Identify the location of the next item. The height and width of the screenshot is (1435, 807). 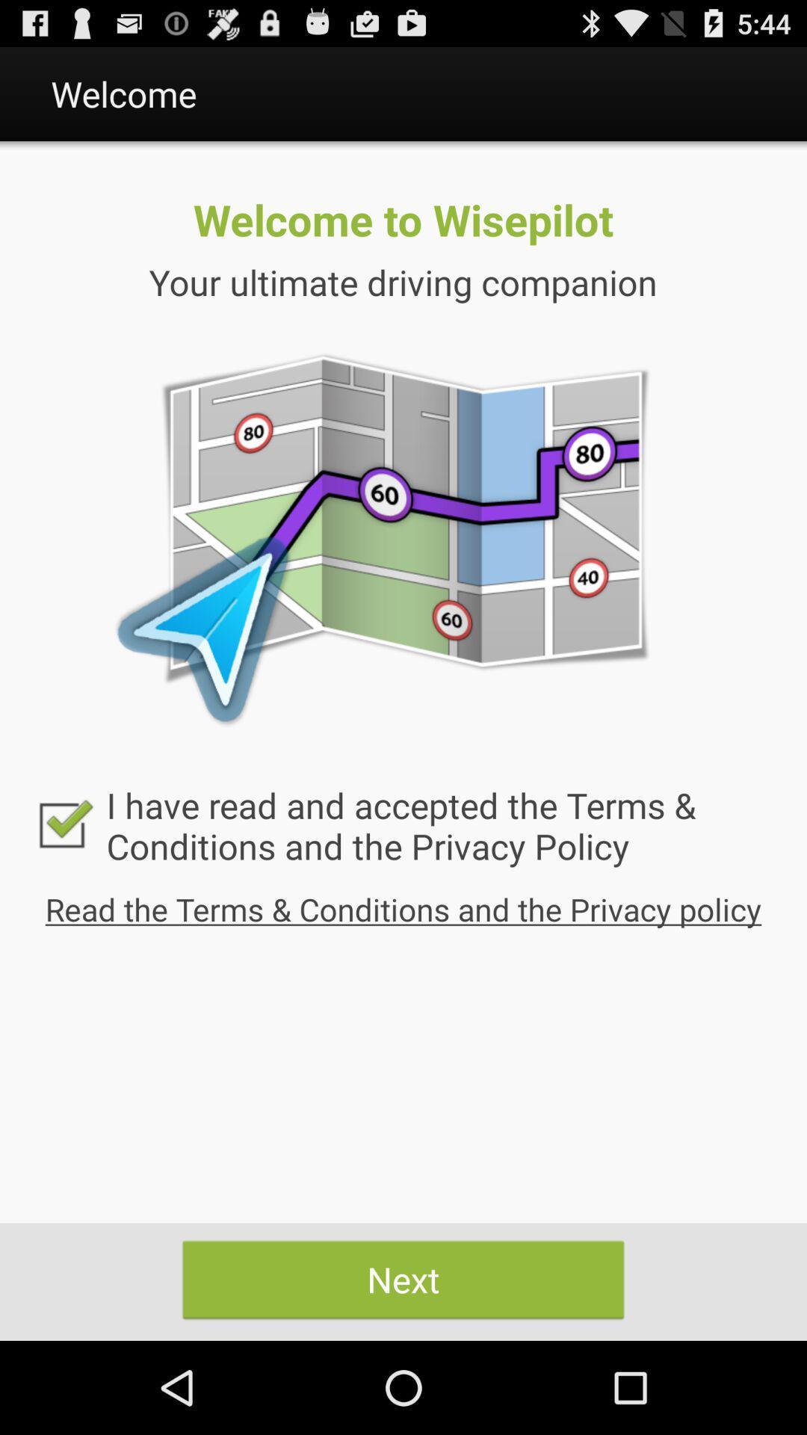
(403, 1279).